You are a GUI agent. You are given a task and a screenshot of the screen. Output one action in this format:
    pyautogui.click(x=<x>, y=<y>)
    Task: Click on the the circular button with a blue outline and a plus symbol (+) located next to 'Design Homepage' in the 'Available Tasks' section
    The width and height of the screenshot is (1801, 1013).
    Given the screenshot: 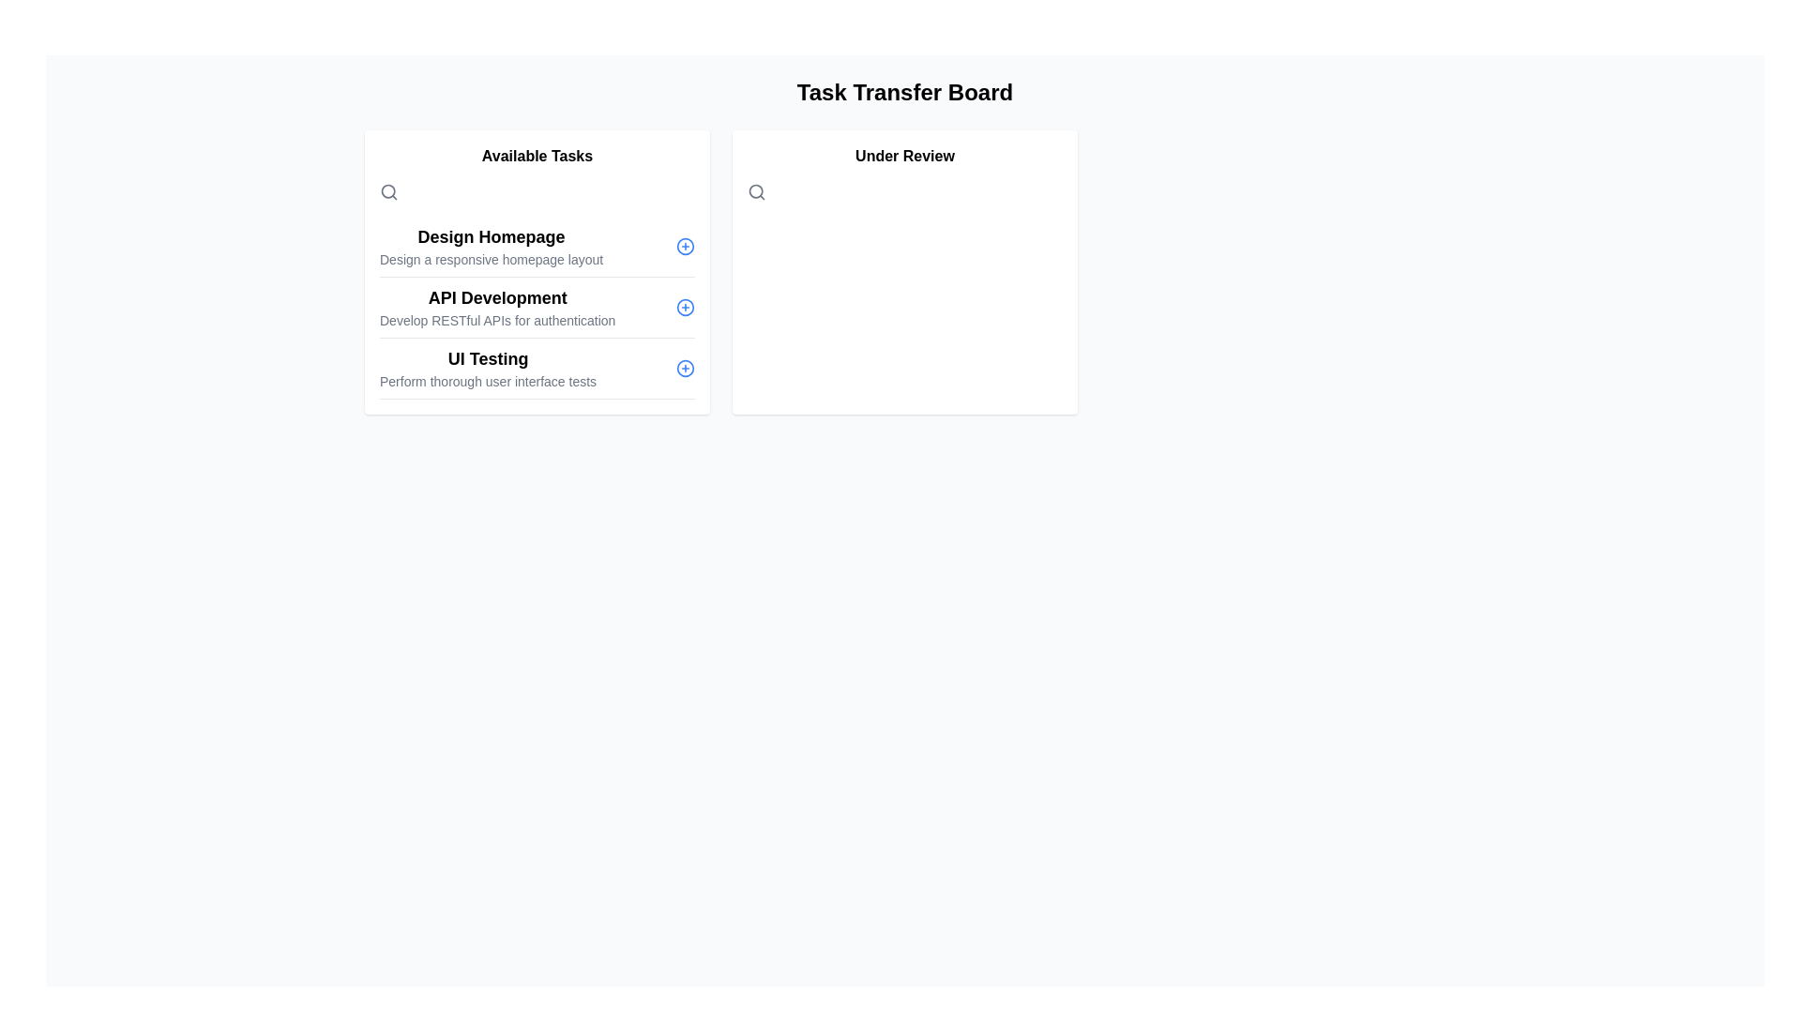 What is the action you would take?
    pyautogui.click(x=684, y=245)
    